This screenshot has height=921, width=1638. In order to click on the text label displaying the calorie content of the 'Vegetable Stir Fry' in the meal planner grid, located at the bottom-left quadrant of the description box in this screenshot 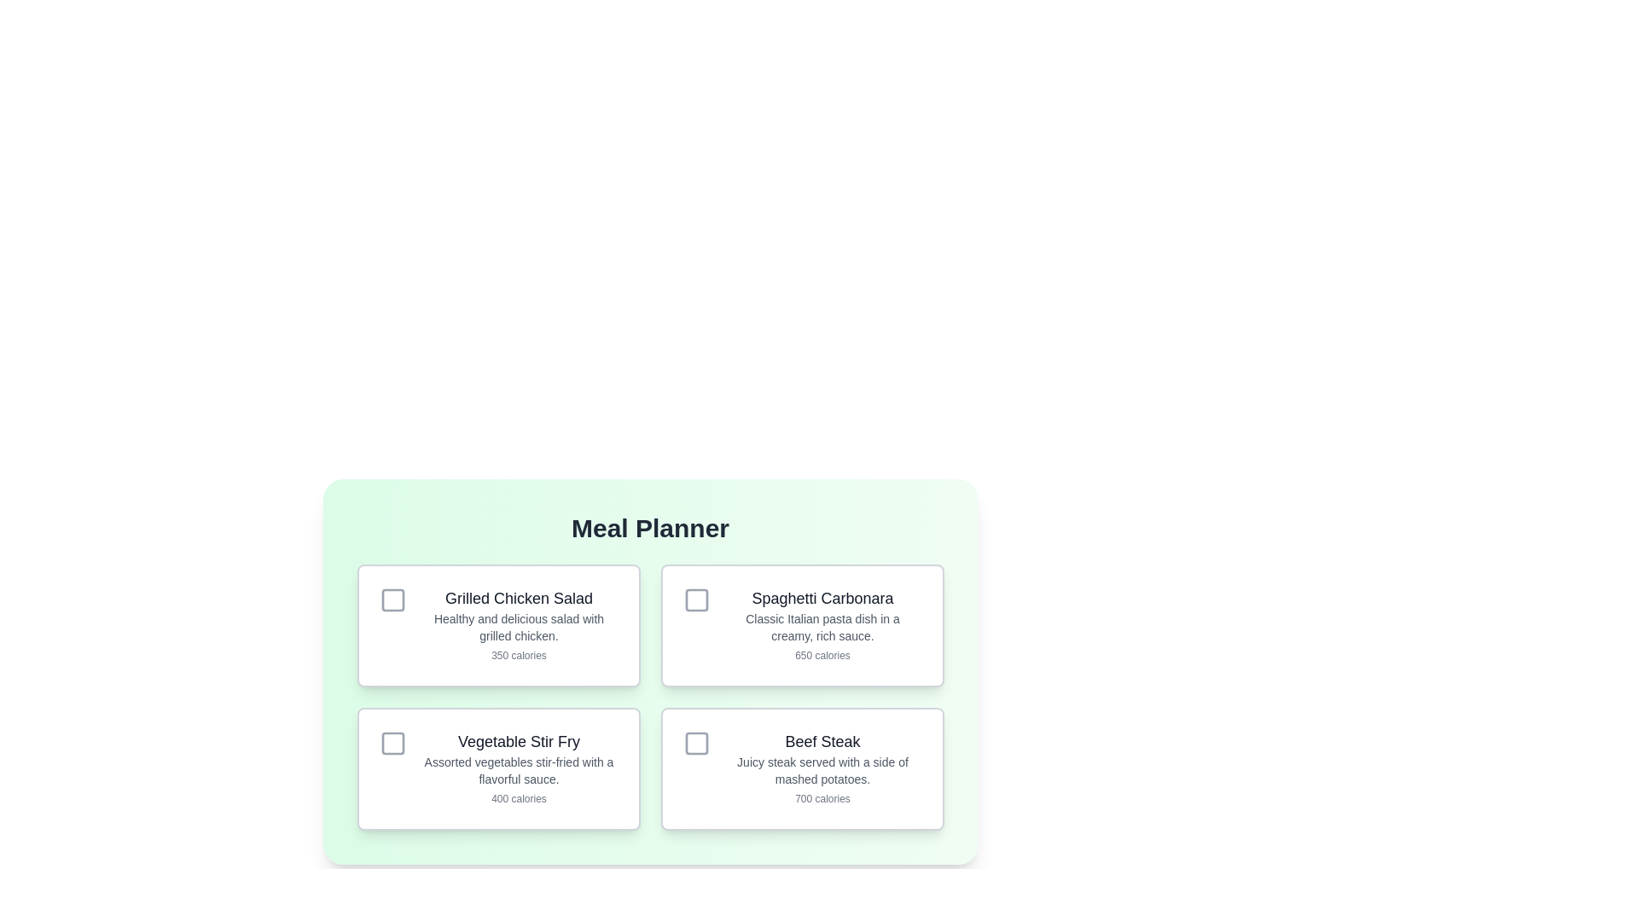, I will do `click(518, 799)`.